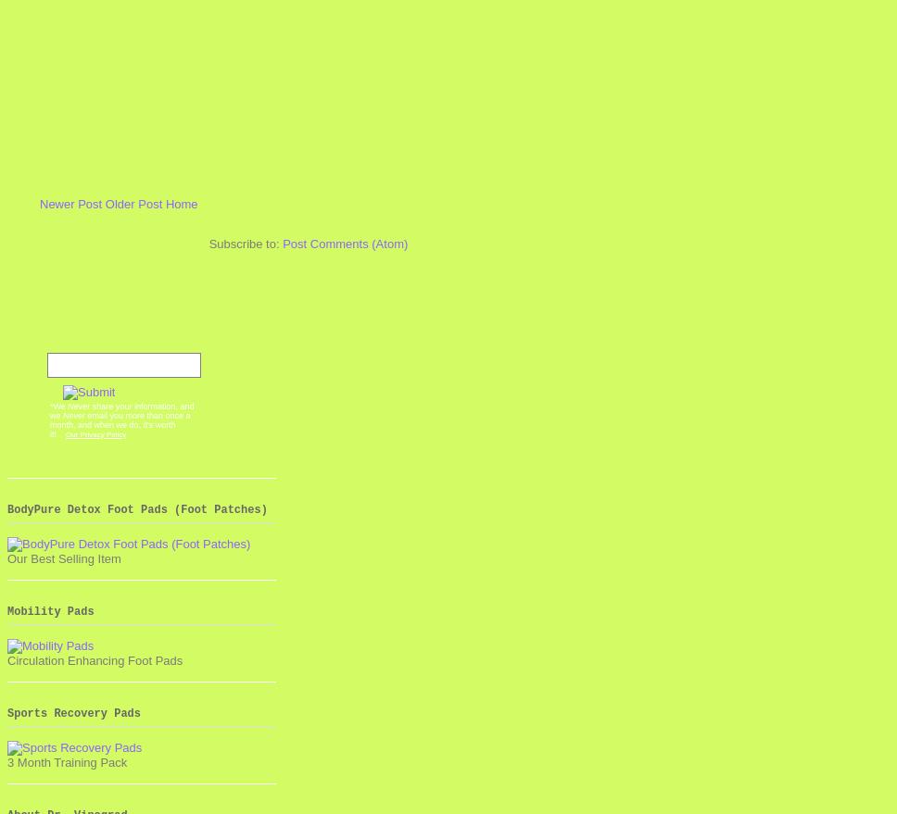  I want to click on 'Home', so click(181, 203).